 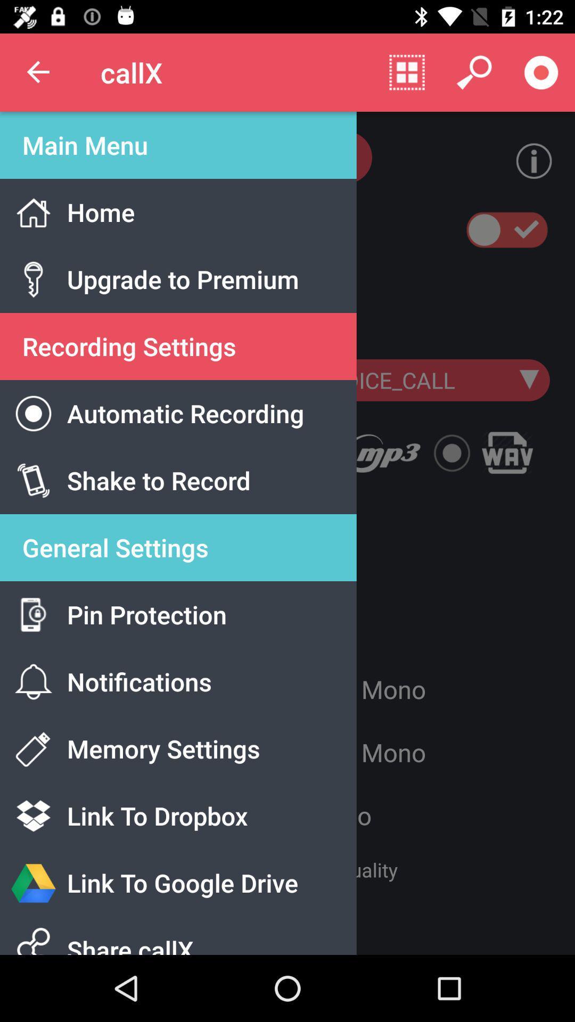 I want to click on the button which is next to the main menu, so click(x=525, y=160).